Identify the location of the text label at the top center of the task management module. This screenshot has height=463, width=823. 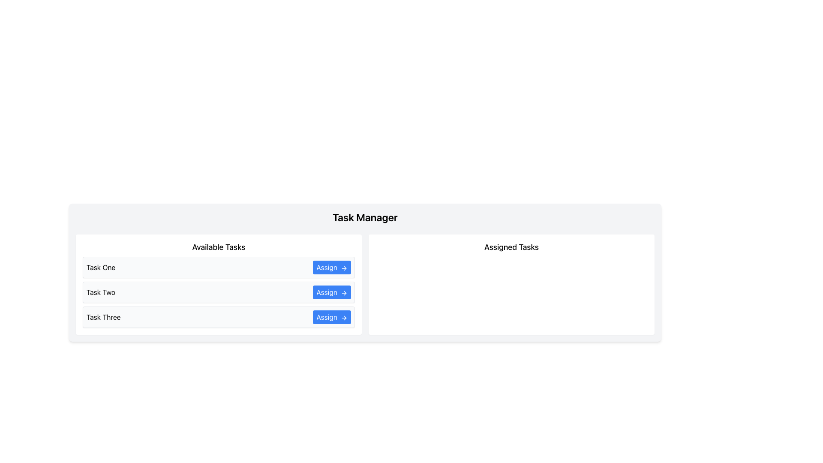
(365, 216).